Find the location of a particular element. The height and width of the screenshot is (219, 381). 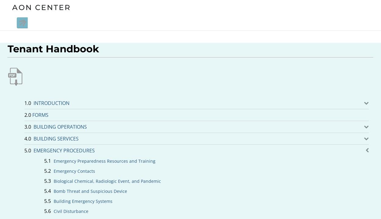

'Introduction' is located at coordinates (51, 103).